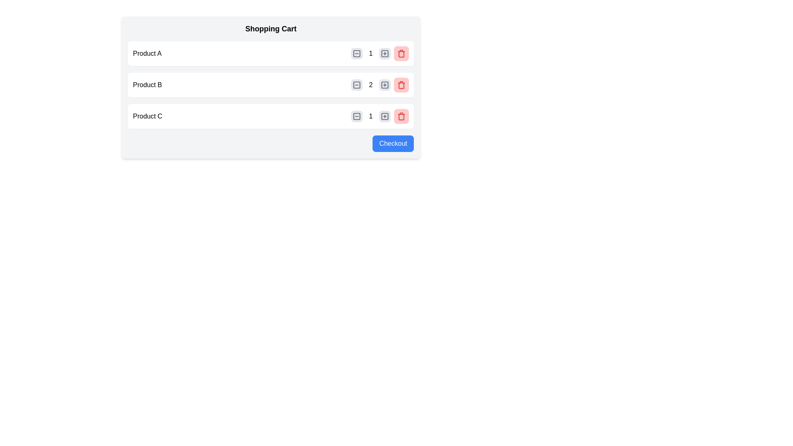  What do you see at coordinates (357, 54) in the screenshot?
I see `the decrement button for 'Product A' to decrease its quantity by one` at bounding box center [357, 54].